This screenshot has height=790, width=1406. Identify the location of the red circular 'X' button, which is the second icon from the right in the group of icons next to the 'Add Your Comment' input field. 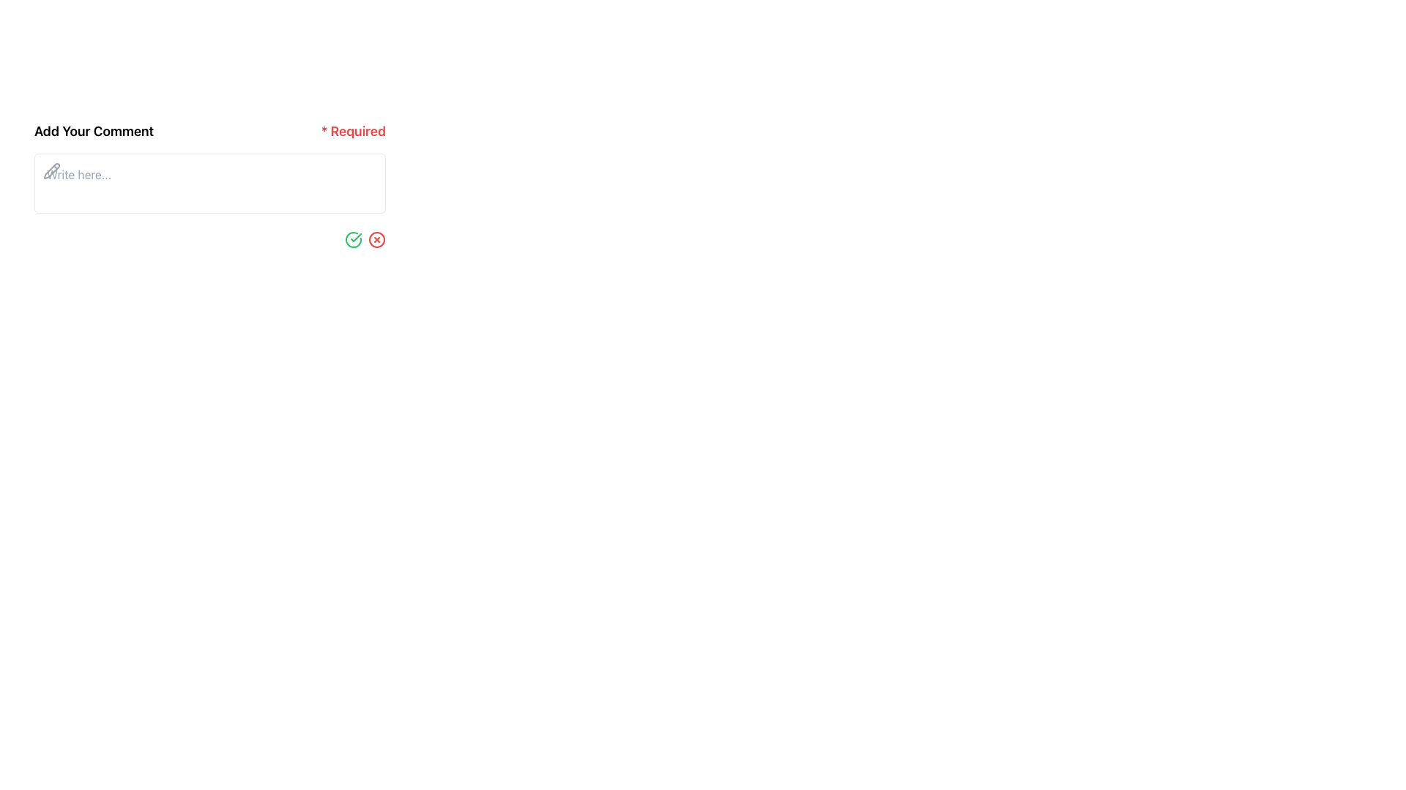
(376, 238).